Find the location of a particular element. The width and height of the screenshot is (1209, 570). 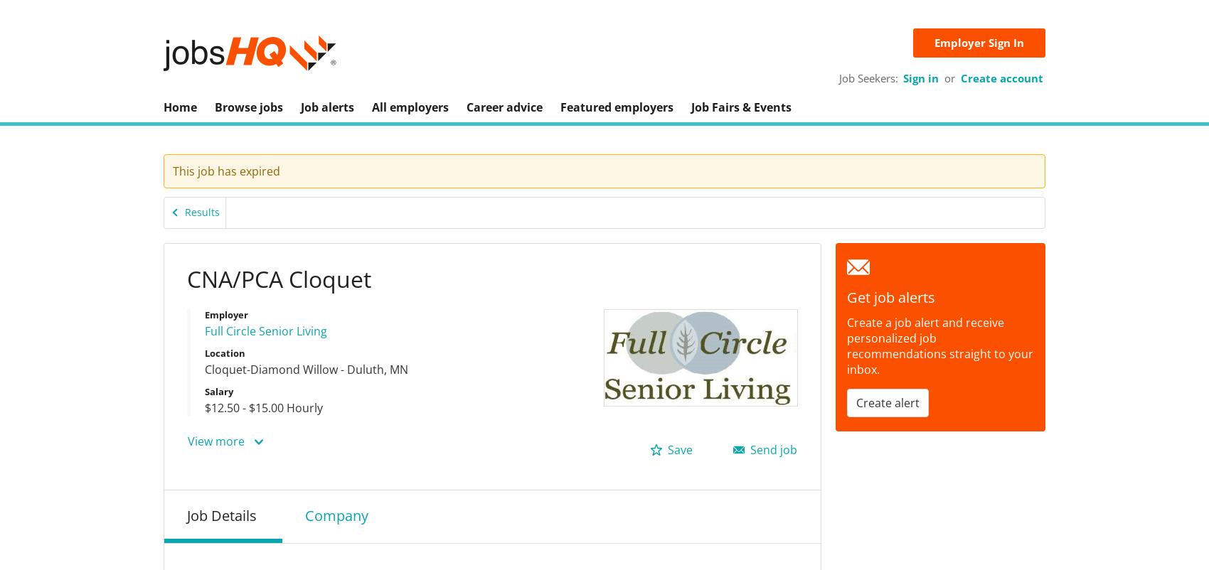

'Job Details' is located at coordinates (221, 515).